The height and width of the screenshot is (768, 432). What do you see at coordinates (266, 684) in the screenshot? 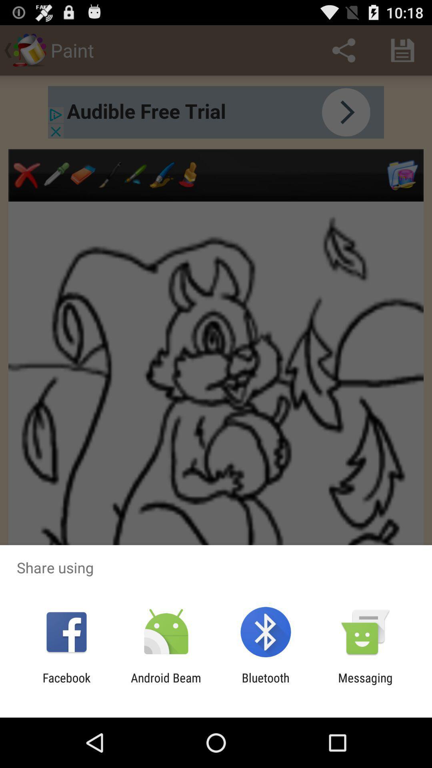
I see `the bluetooth icon` at bounding box center [266, 684].